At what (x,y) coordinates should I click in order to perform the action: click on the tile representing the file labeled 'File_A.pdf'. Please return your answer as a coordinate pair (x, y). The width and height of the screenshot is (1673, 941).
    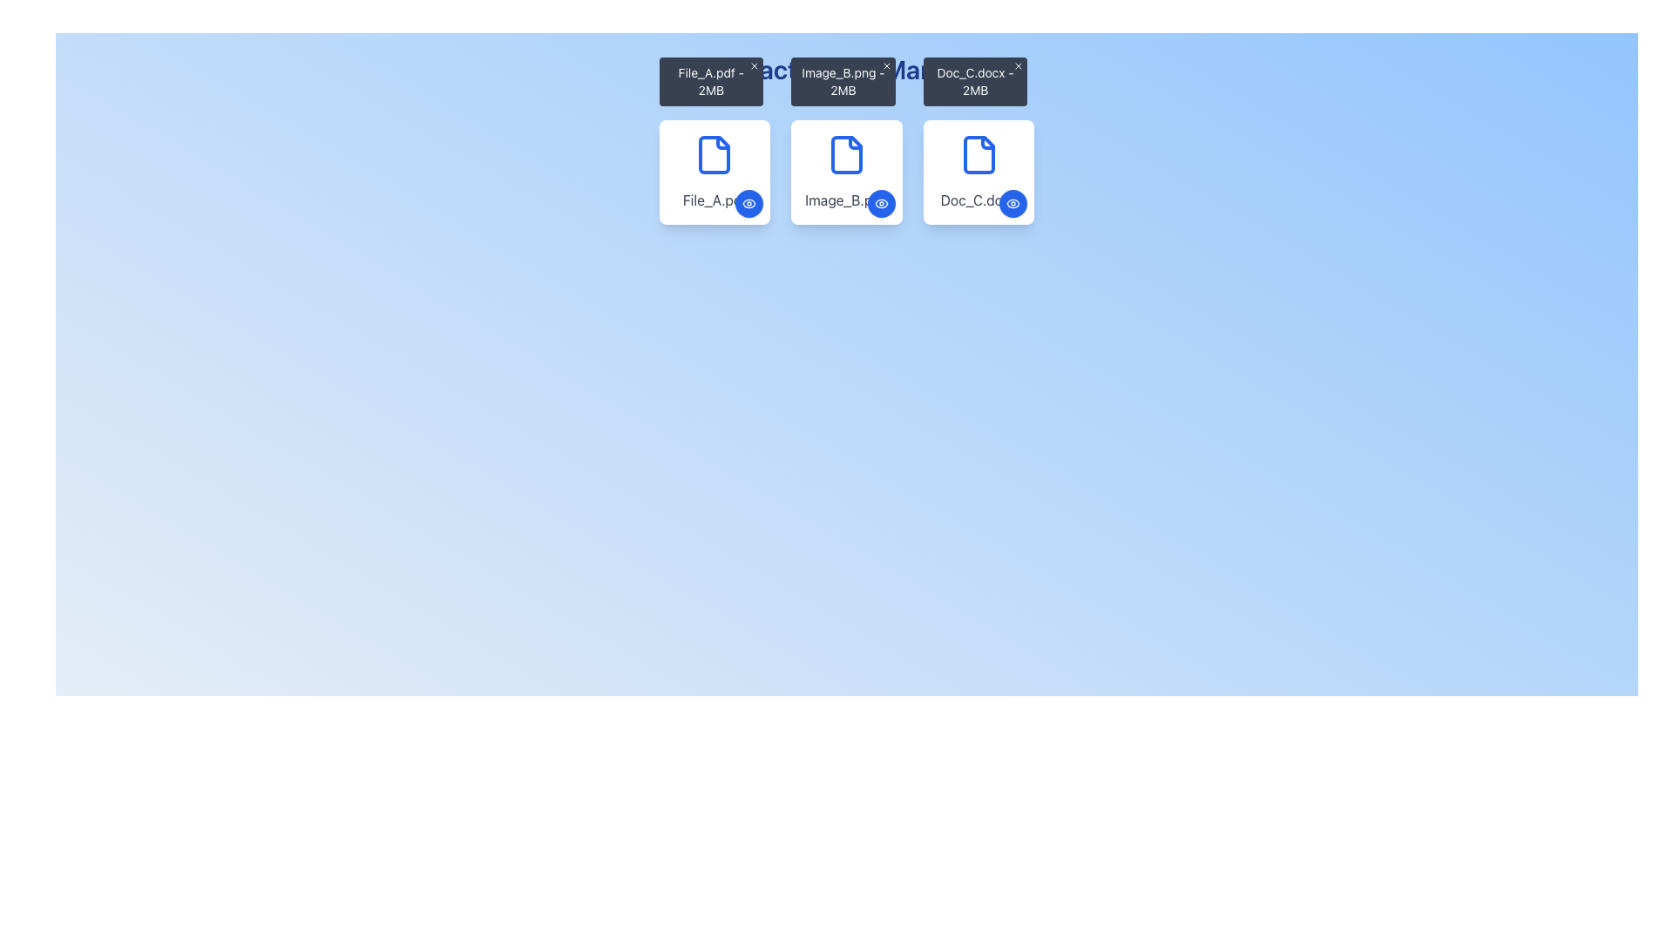
    Looking at the image, I should click on (715, 172).